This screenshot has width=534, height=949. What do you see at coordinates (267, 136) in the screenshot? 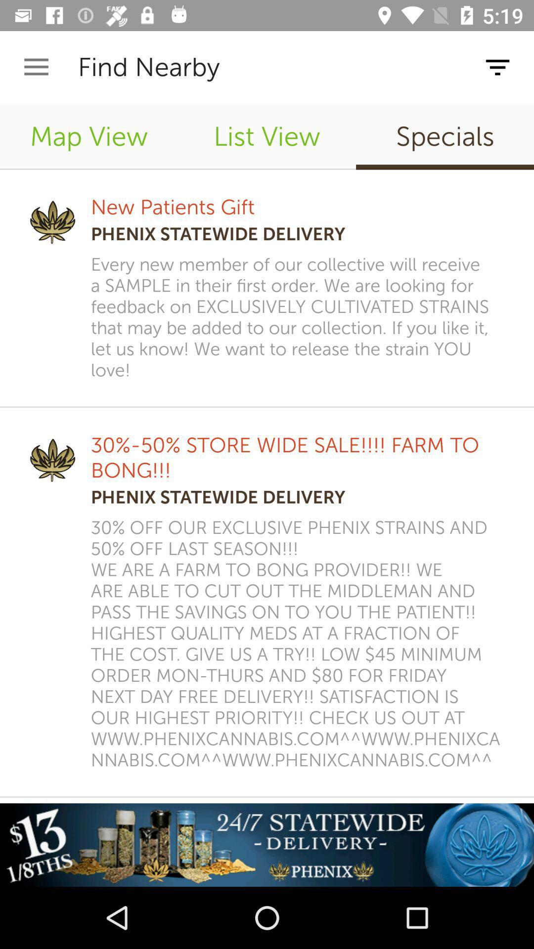
I see `item to the right of map view item` at bounding box center [267, 136].